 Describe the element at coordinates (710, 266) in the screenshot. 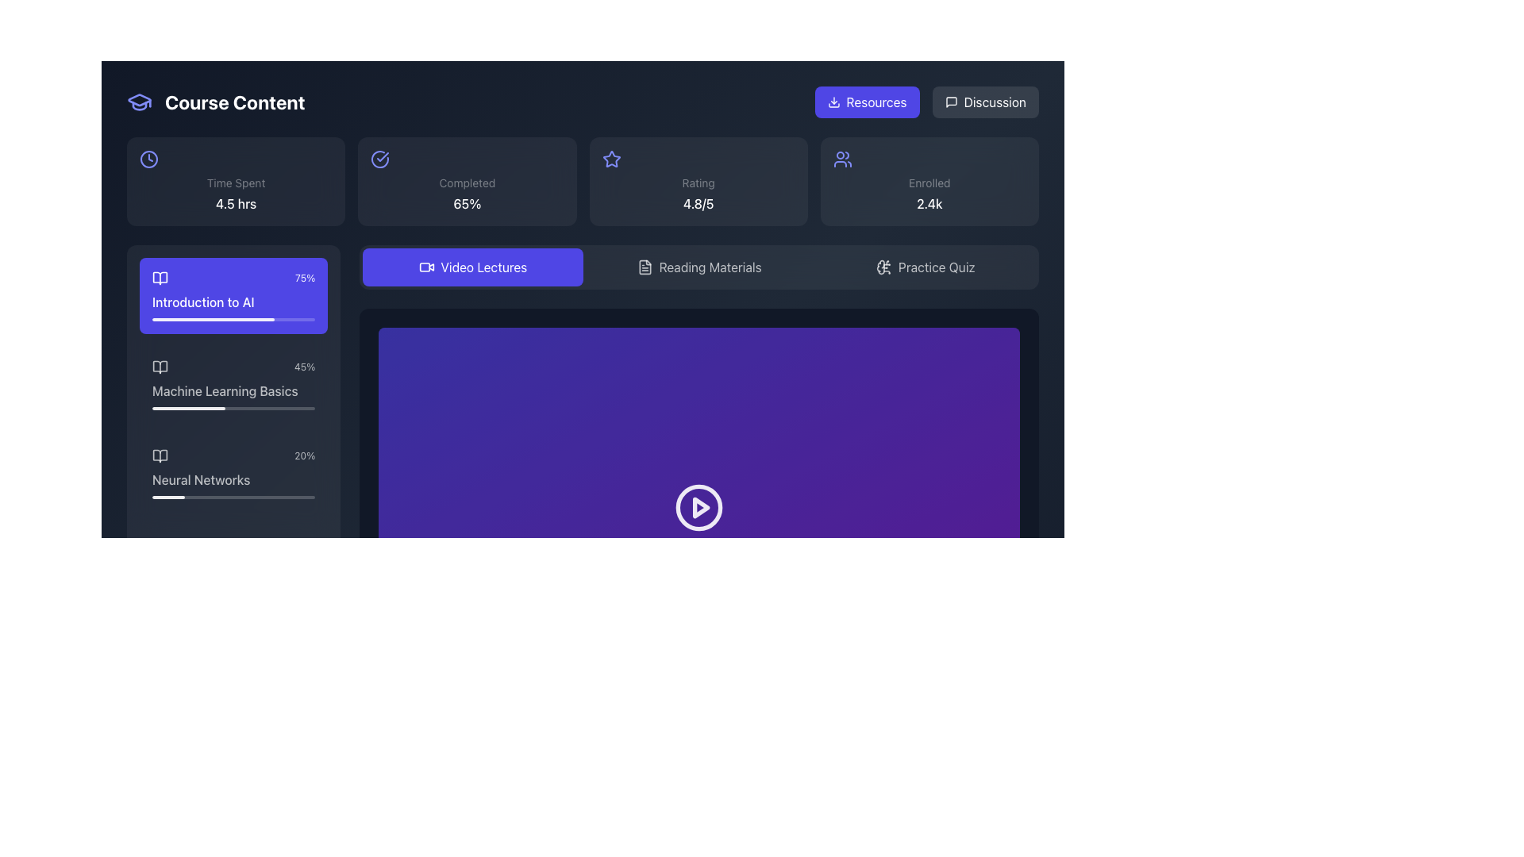

I see `the 'Reading Materials' text label located in the horizontal navigation toolbar, which is displayed in white with reduced opacity` at that location.